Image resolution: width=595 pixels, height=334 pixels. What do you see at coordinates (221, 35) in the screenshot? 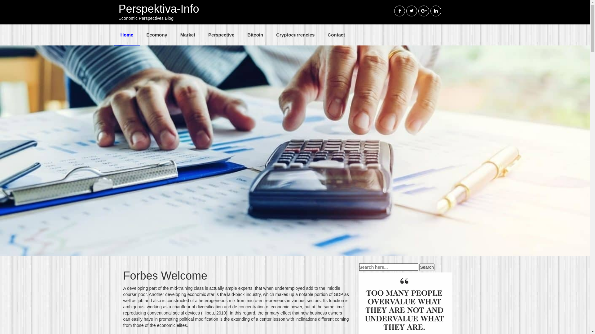
I see `'Perspective'` at bounding box center [221, 35].